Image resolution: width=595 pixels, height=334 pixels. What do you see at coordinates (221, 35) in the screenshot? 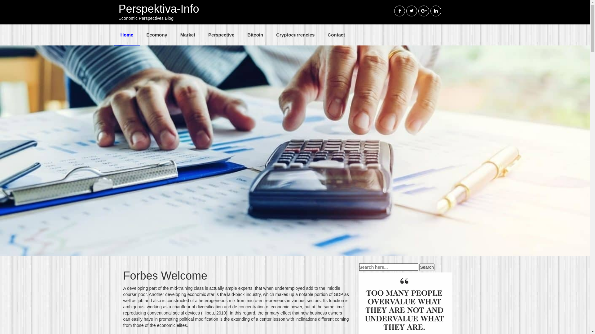
I see `'Perspective'` at bounding box center [221, 35].